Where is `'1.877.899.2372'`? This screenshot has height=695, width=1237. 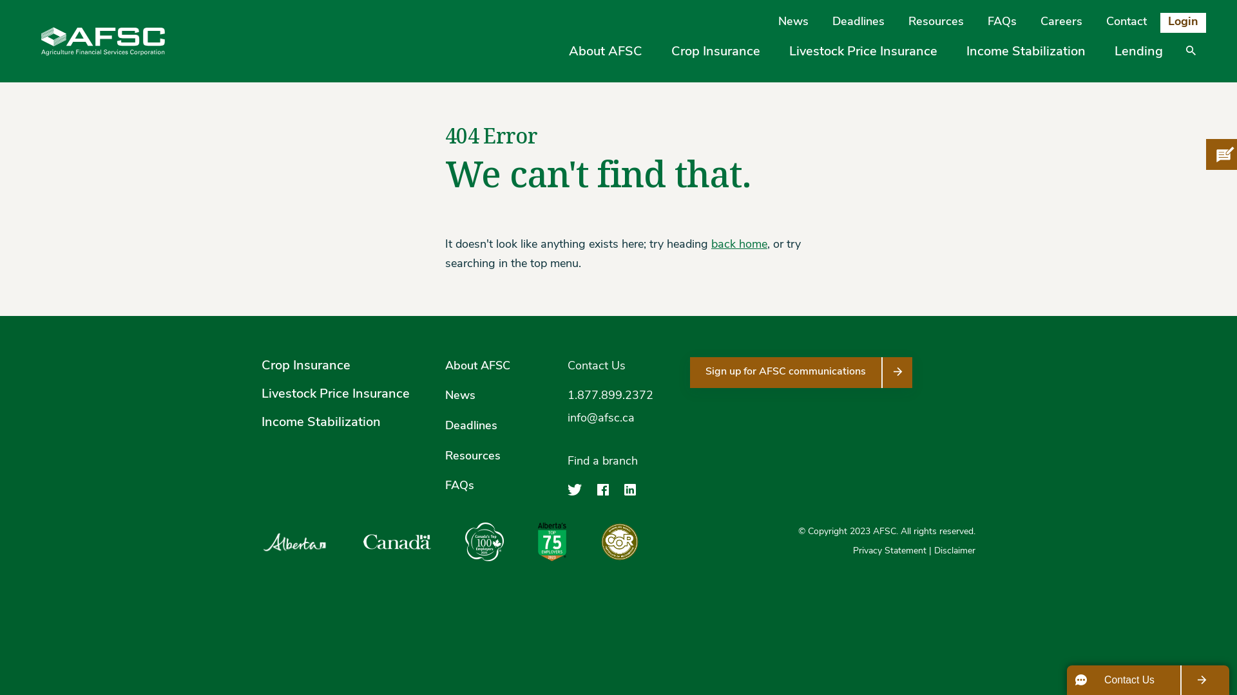 '1.877.899.2372' is located at coordinates (609, 395).